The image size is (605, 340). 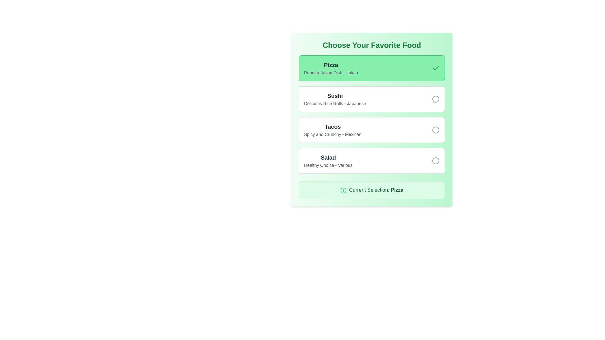 What do you see at coordinates (372, 99) in the screenshot?
I see `the 'Sushi' selectable list item (radio button option)` at bounding box center [372, 99].